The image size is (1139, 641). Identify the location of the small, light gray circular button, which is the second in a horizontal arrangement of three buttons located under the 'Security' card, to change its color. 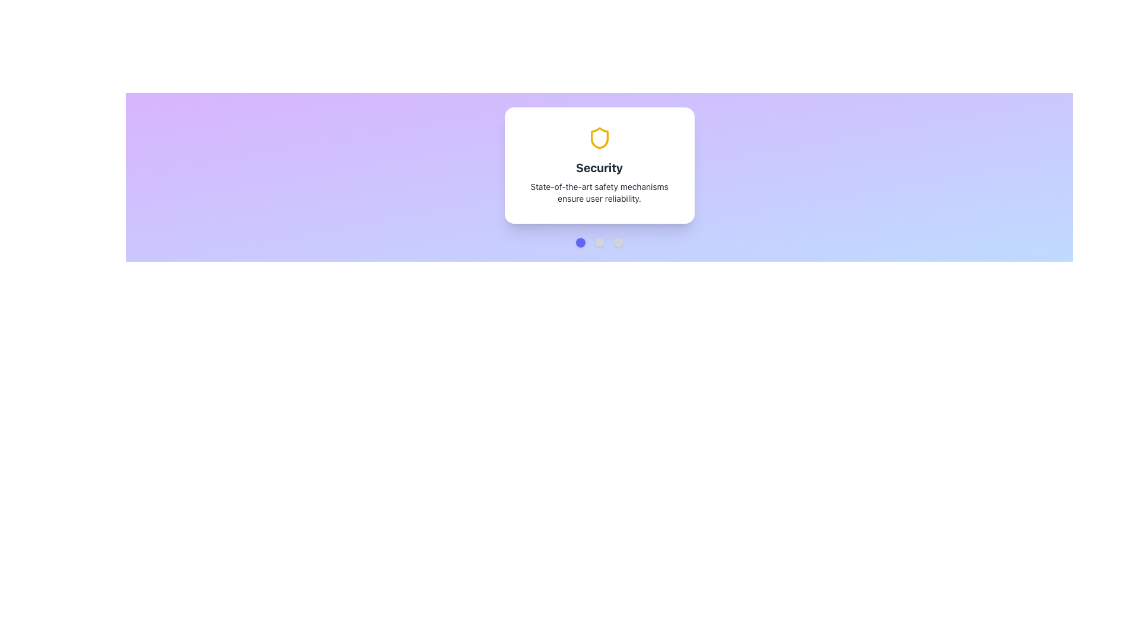
(599, 242).